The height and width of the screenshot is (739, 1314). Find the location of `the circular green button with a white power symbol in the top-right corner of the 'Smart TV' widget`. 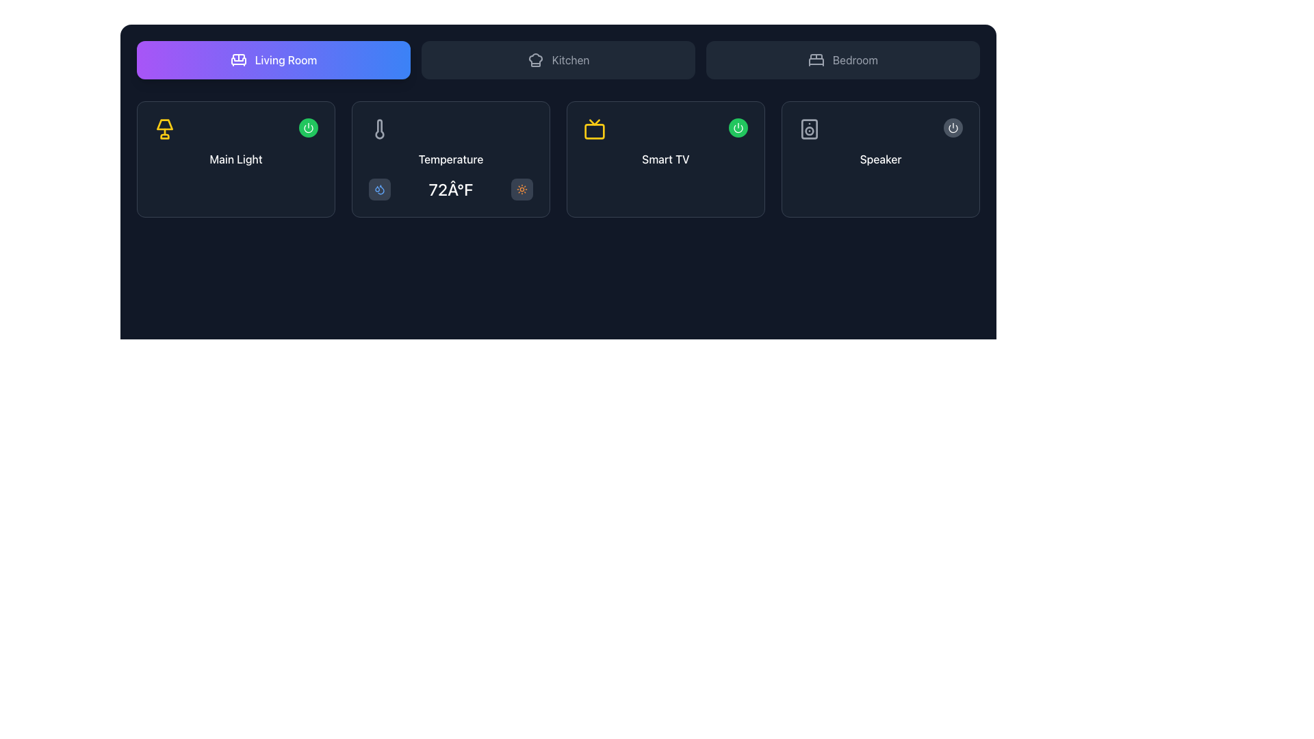

the circular green button with a white power symbol in the top-right corner of the 'Smart TV' widget is located at coordinates (738, 127).